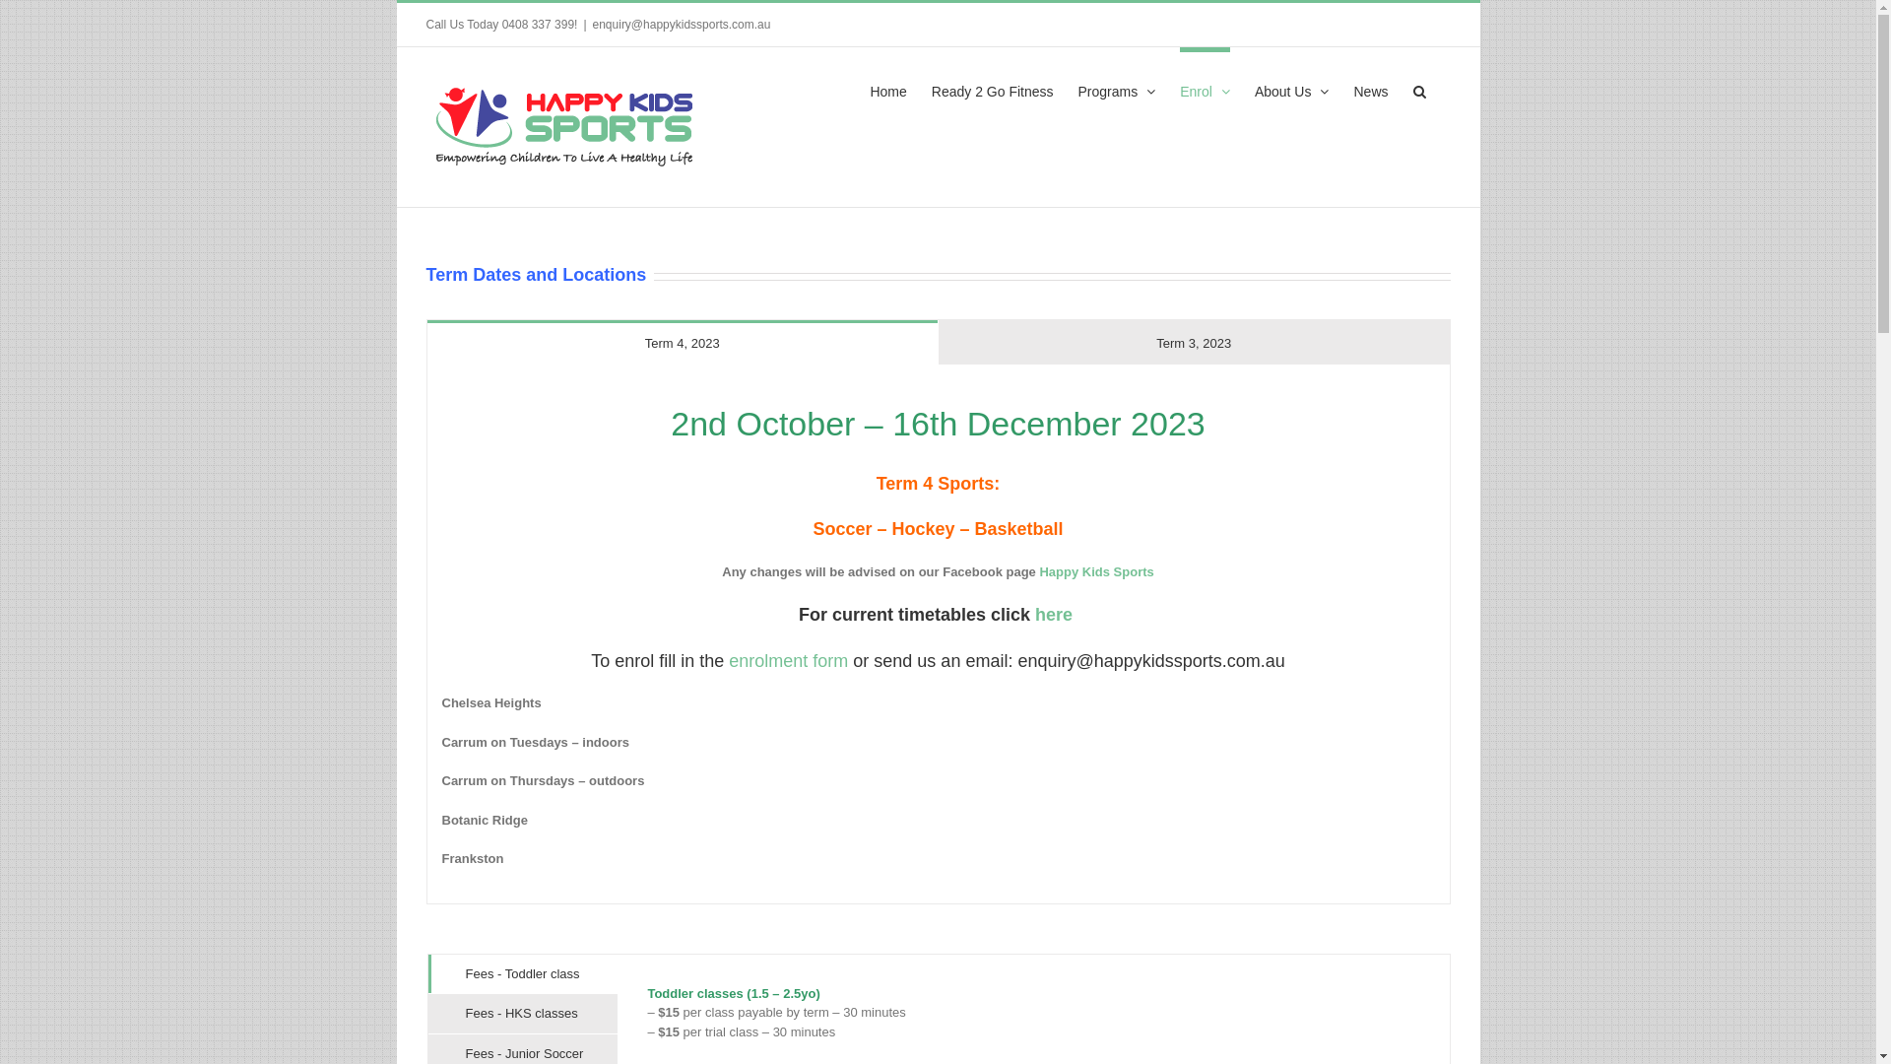  I want to click on 'Ready 2 Go Fitness', so click(993, 87).